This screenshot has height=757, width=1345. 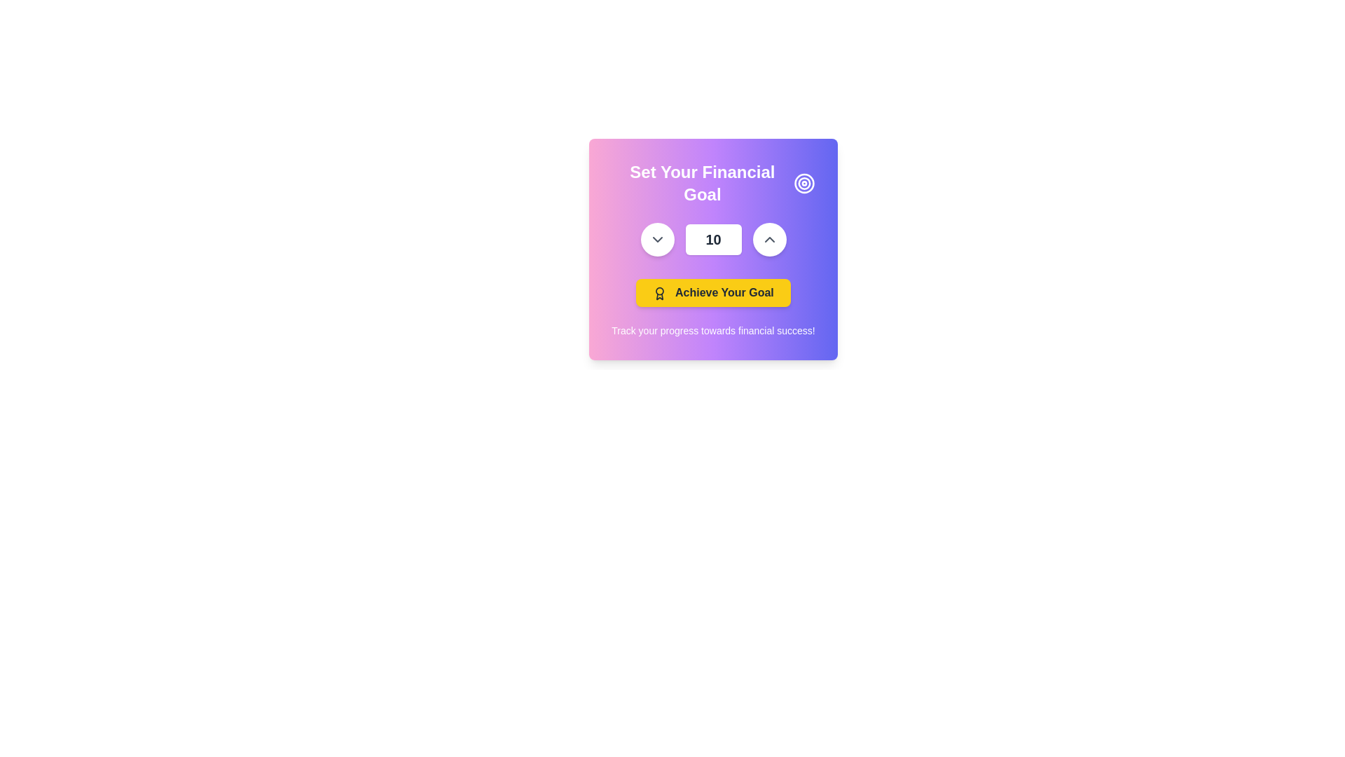 What do you see at coordinates (804, 183) in the screenshot?
I see `the outermost ring of the target icon located in the top-right corner of the 'Set Your Financial Goal' card` at bounding box center [804, 183].